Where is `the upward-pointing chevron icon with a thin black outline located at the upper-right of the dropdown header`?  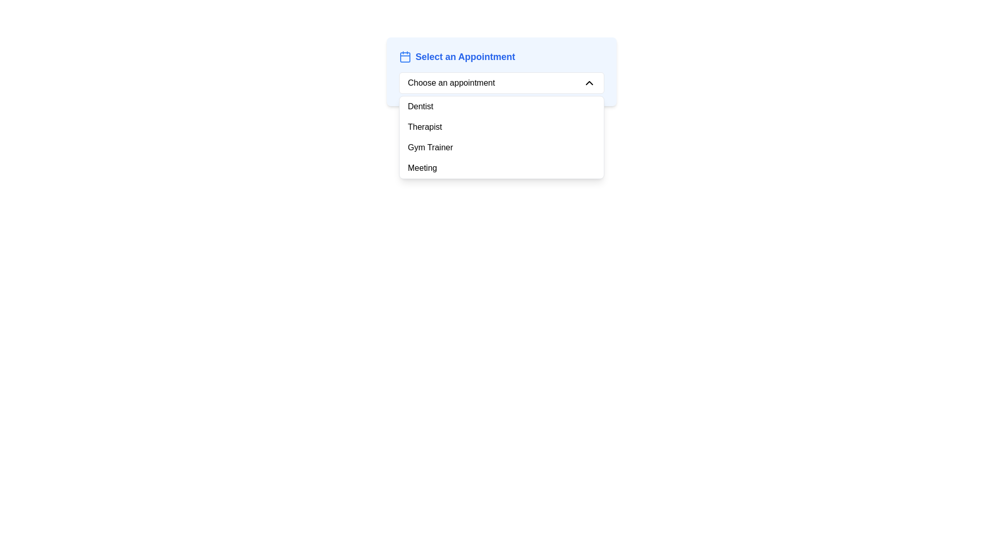 the upward-pointing chevron icon with a thin black outline located at the upper-right of the dropdown header is located at coordinates (589, 83).